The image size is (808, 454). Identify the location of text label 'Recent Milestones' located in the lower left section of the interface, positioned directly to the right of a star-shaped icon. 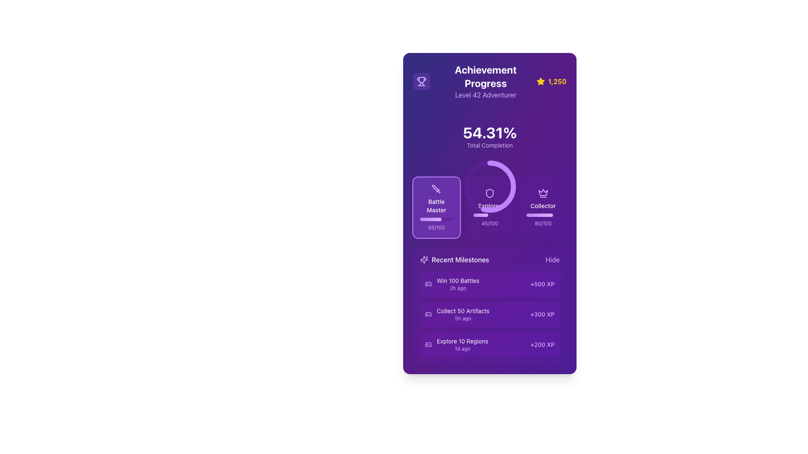
(460, 259).